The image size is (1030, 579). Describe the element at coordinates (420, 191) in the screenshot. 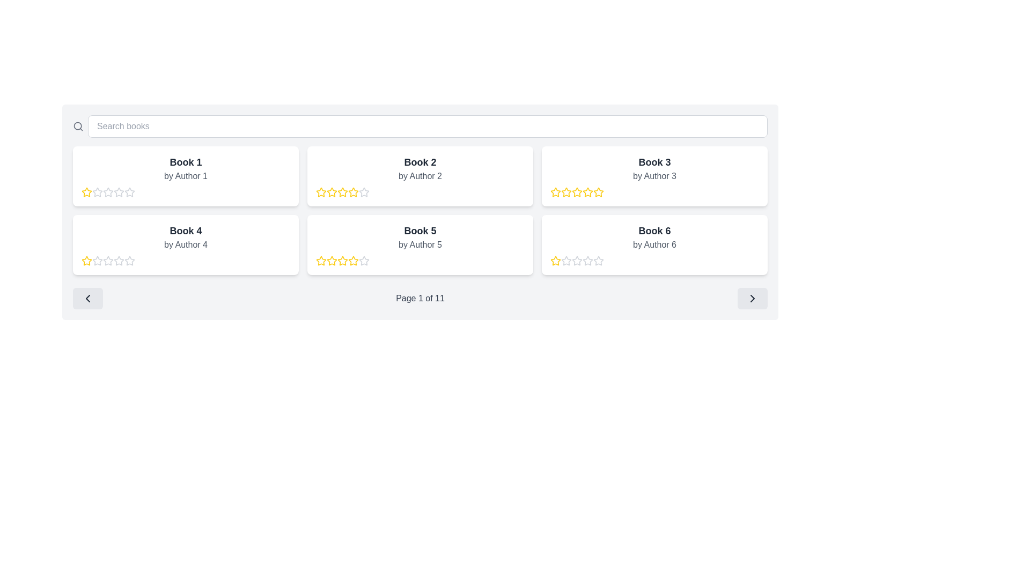

I see `the Rating Display element, which visually represents the rating for an item, located below the title 'Book 2 by Author 2' inside a white card with rounded corners in the top-center area of the interface layout` at that location.